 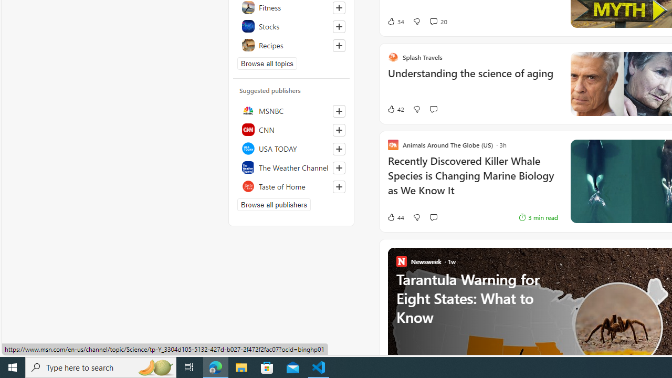 I want to click on 'The Weather Channel', so click(x=291, y=166).